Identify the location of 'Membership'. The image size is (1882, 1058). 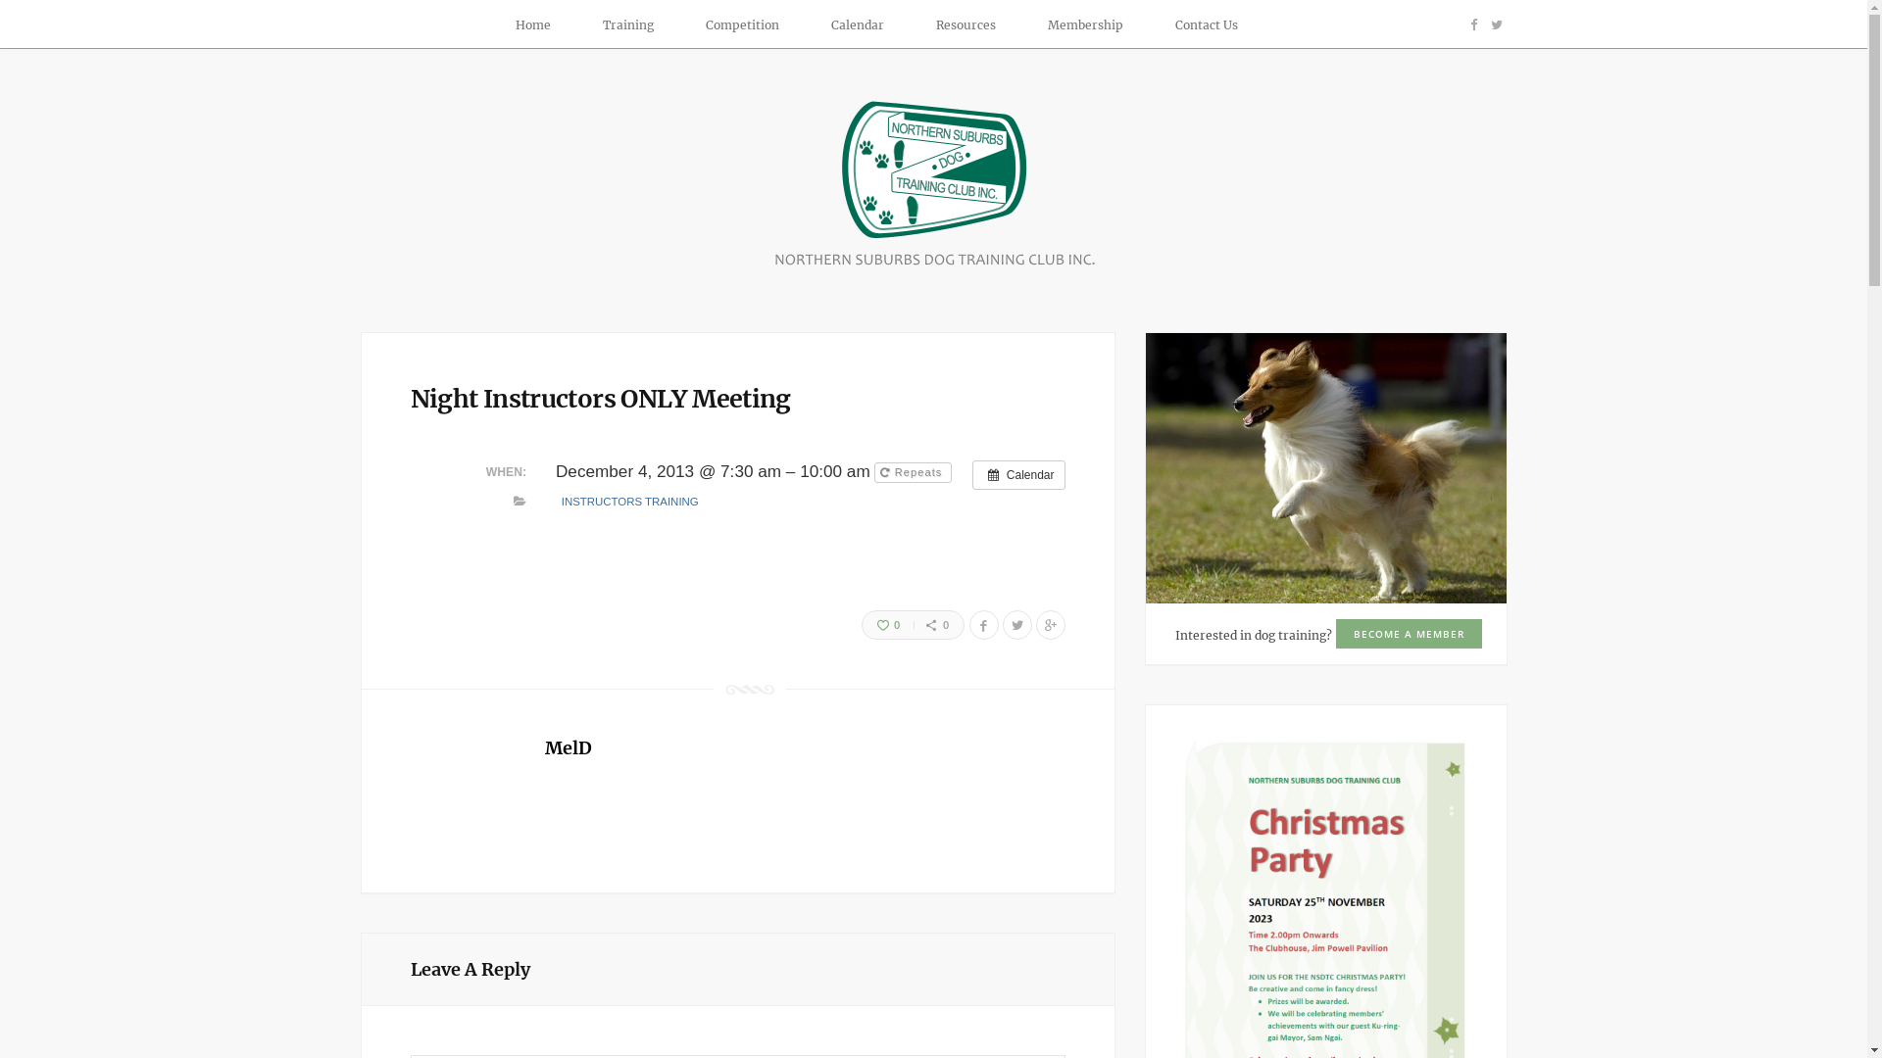
(1029, 25).